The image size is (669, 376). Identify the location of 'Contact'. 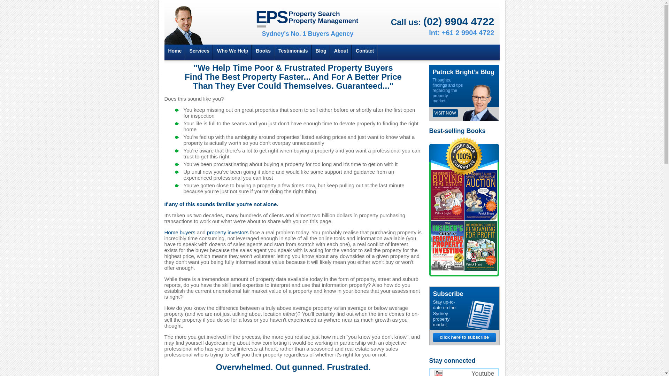
(364, 52).